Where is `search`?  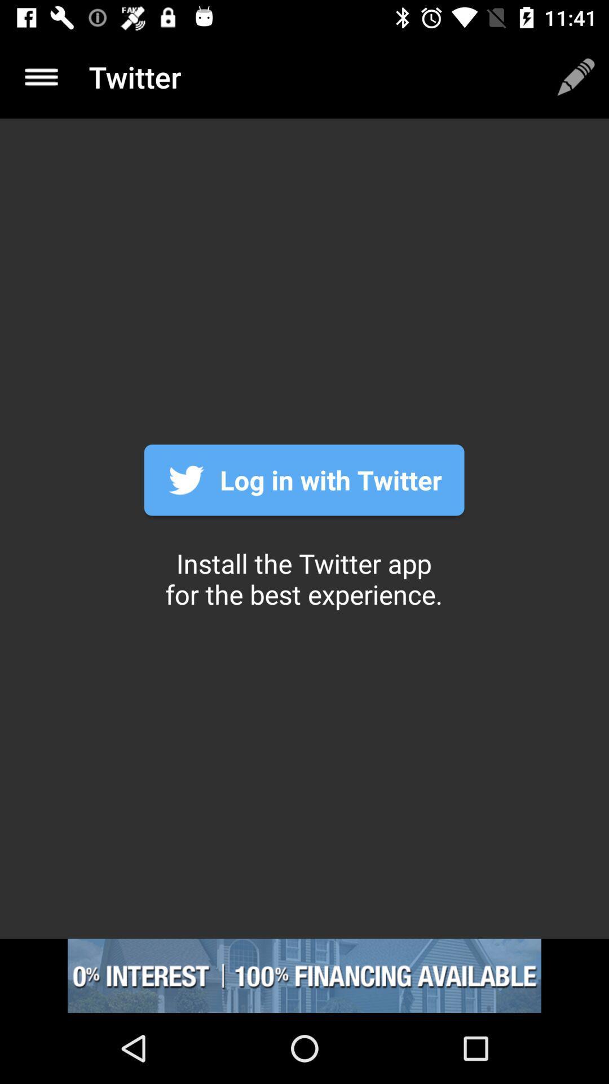
search is located at coordinates (41, 76).